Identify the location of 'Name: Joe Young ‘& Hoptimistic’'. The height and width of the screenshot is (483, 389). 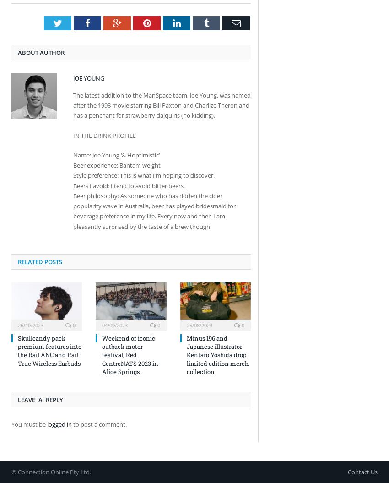
(116, 154).